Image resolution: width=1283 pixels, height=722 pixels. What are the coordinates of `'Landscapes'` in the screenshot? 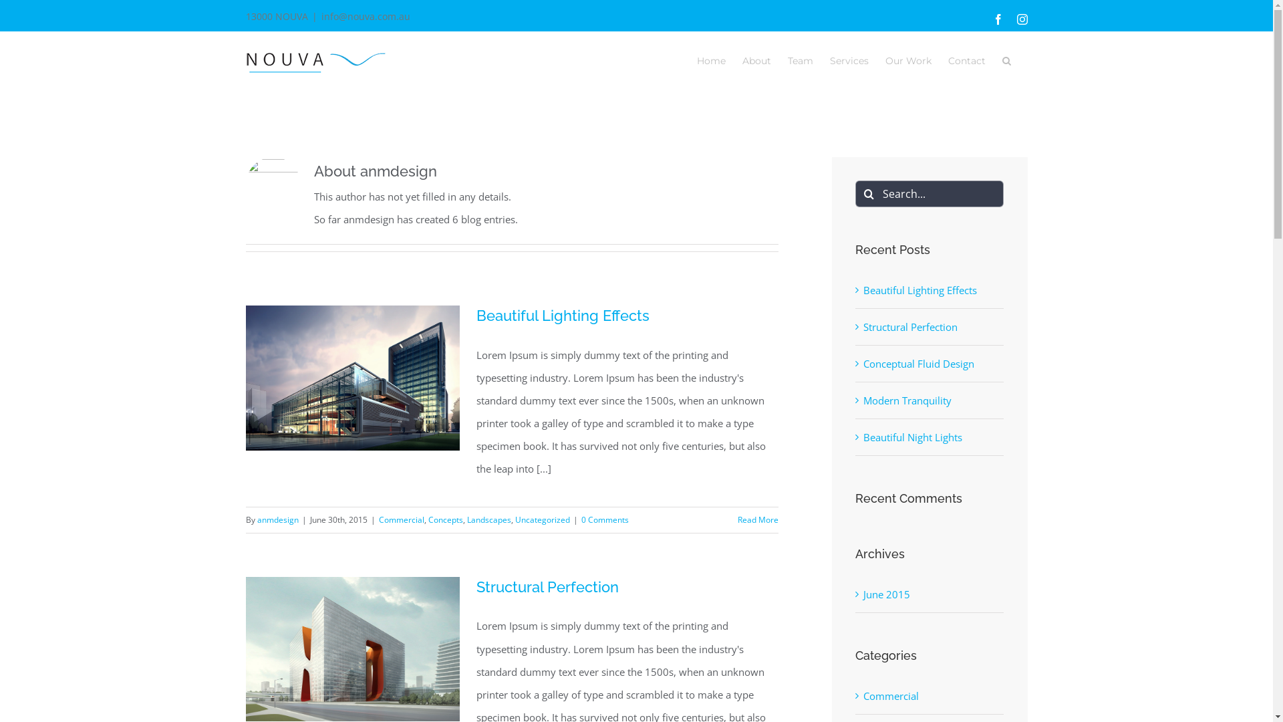 It's located at (487, 519).